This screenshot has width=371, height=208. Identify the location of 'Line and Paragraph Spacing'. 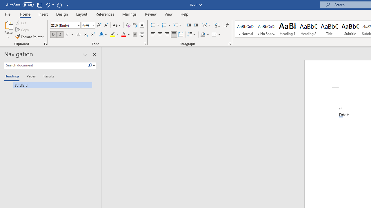
(192, 34).